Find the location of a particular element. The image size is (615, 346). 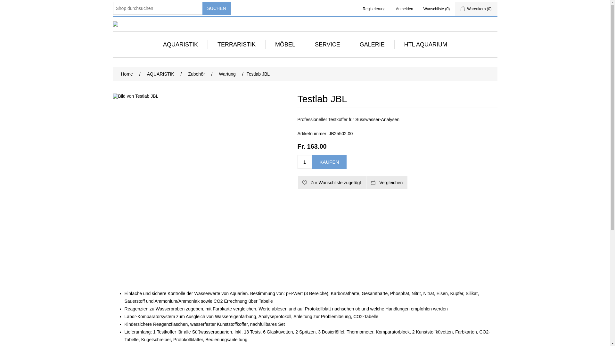

'Suchen' is located at coordinates (202, 8).